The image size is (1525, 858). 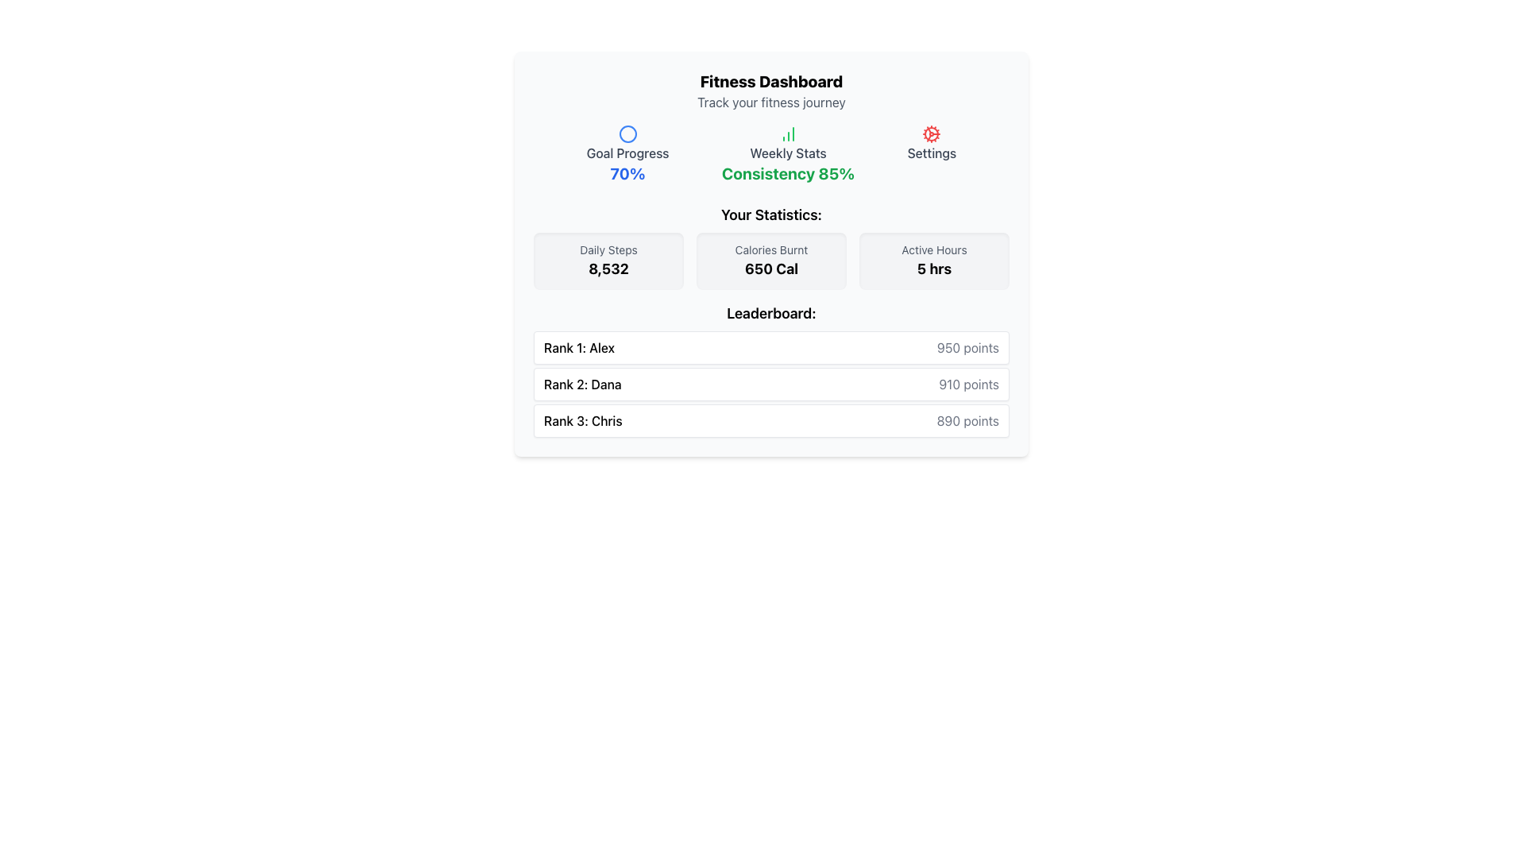 I want to click on the information conveyed by the bold green text label reading 'Consistency 85%' positioned below the 'Weekly Stats' label, so click(x=788, y=174).